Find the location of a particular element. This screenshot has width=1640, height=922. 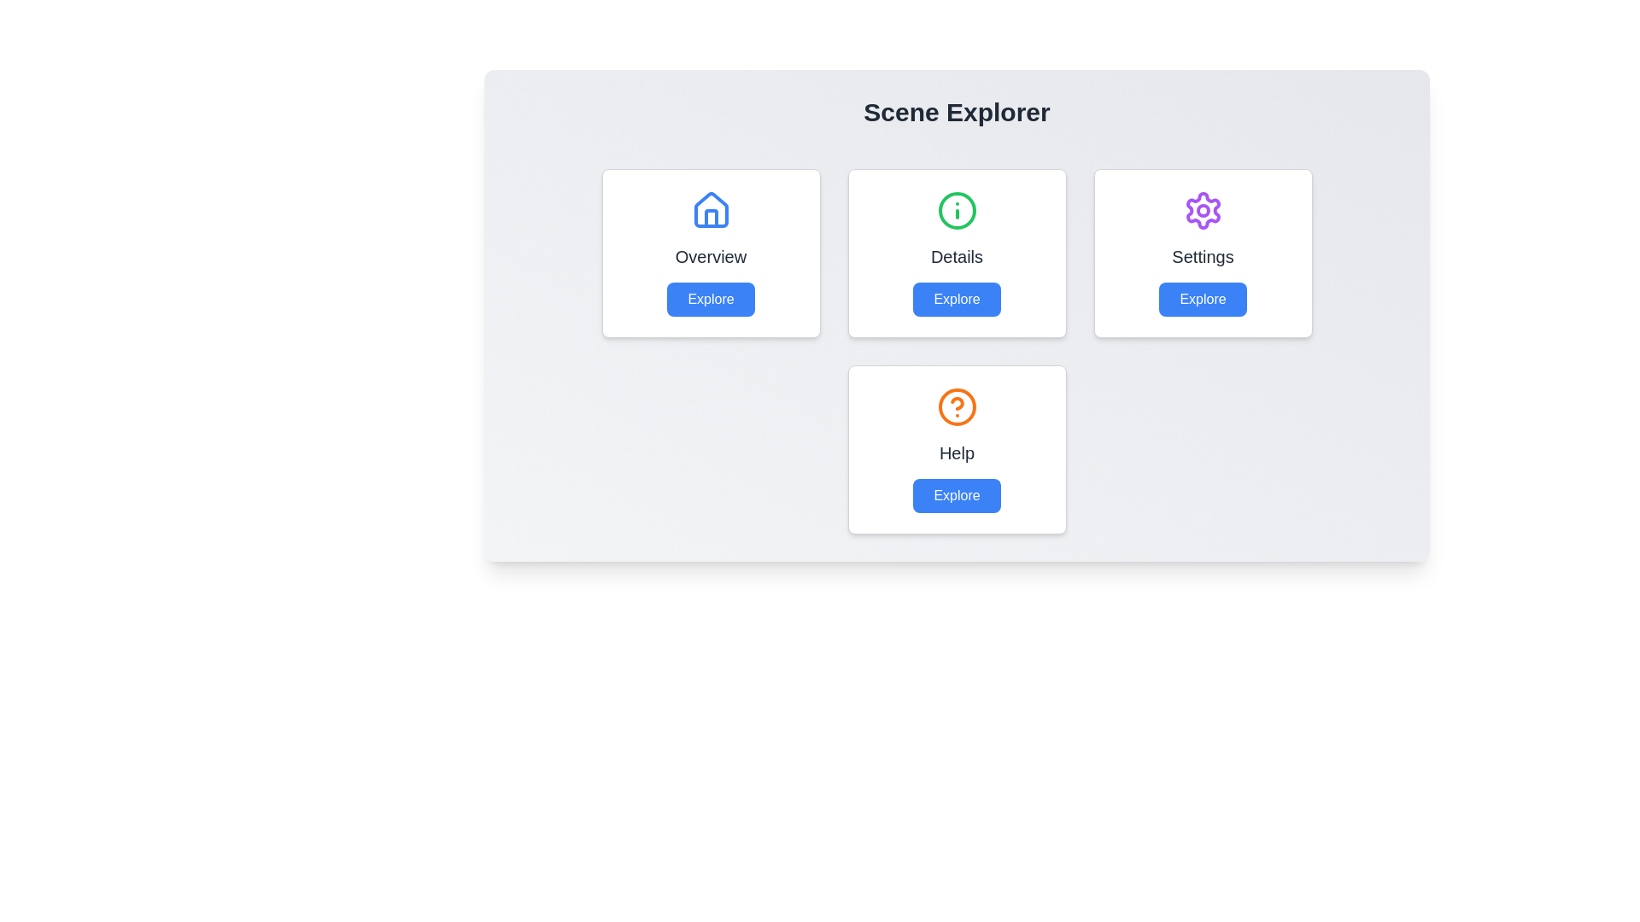

the blue button with rounded corners labeled 'Explore' located at the bottom of the 'Details' card to visualize its hover effects is located at coordinates (957, 299).